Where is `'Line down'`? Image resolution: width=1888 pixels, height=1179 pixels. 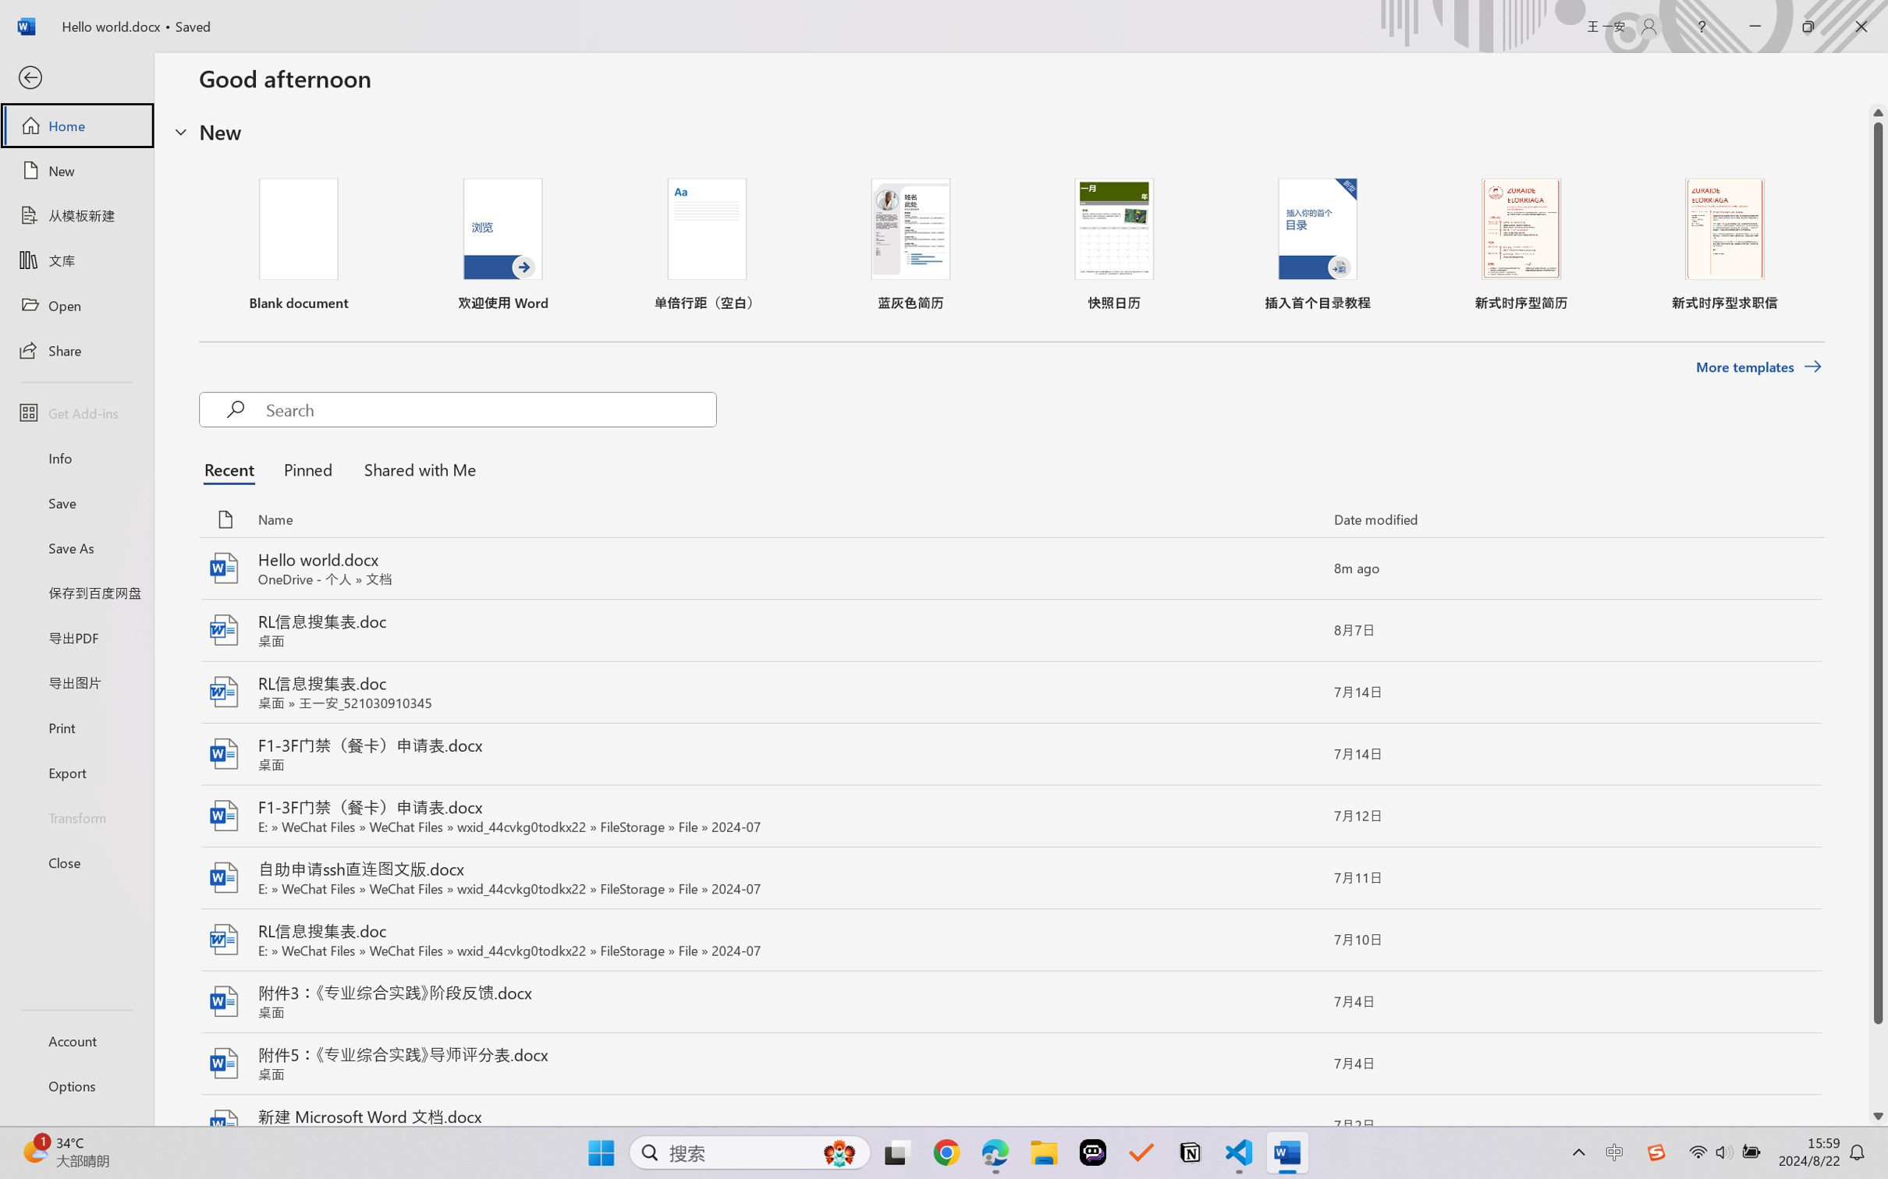
'Line down' is located at coordinates (1878, 1117).